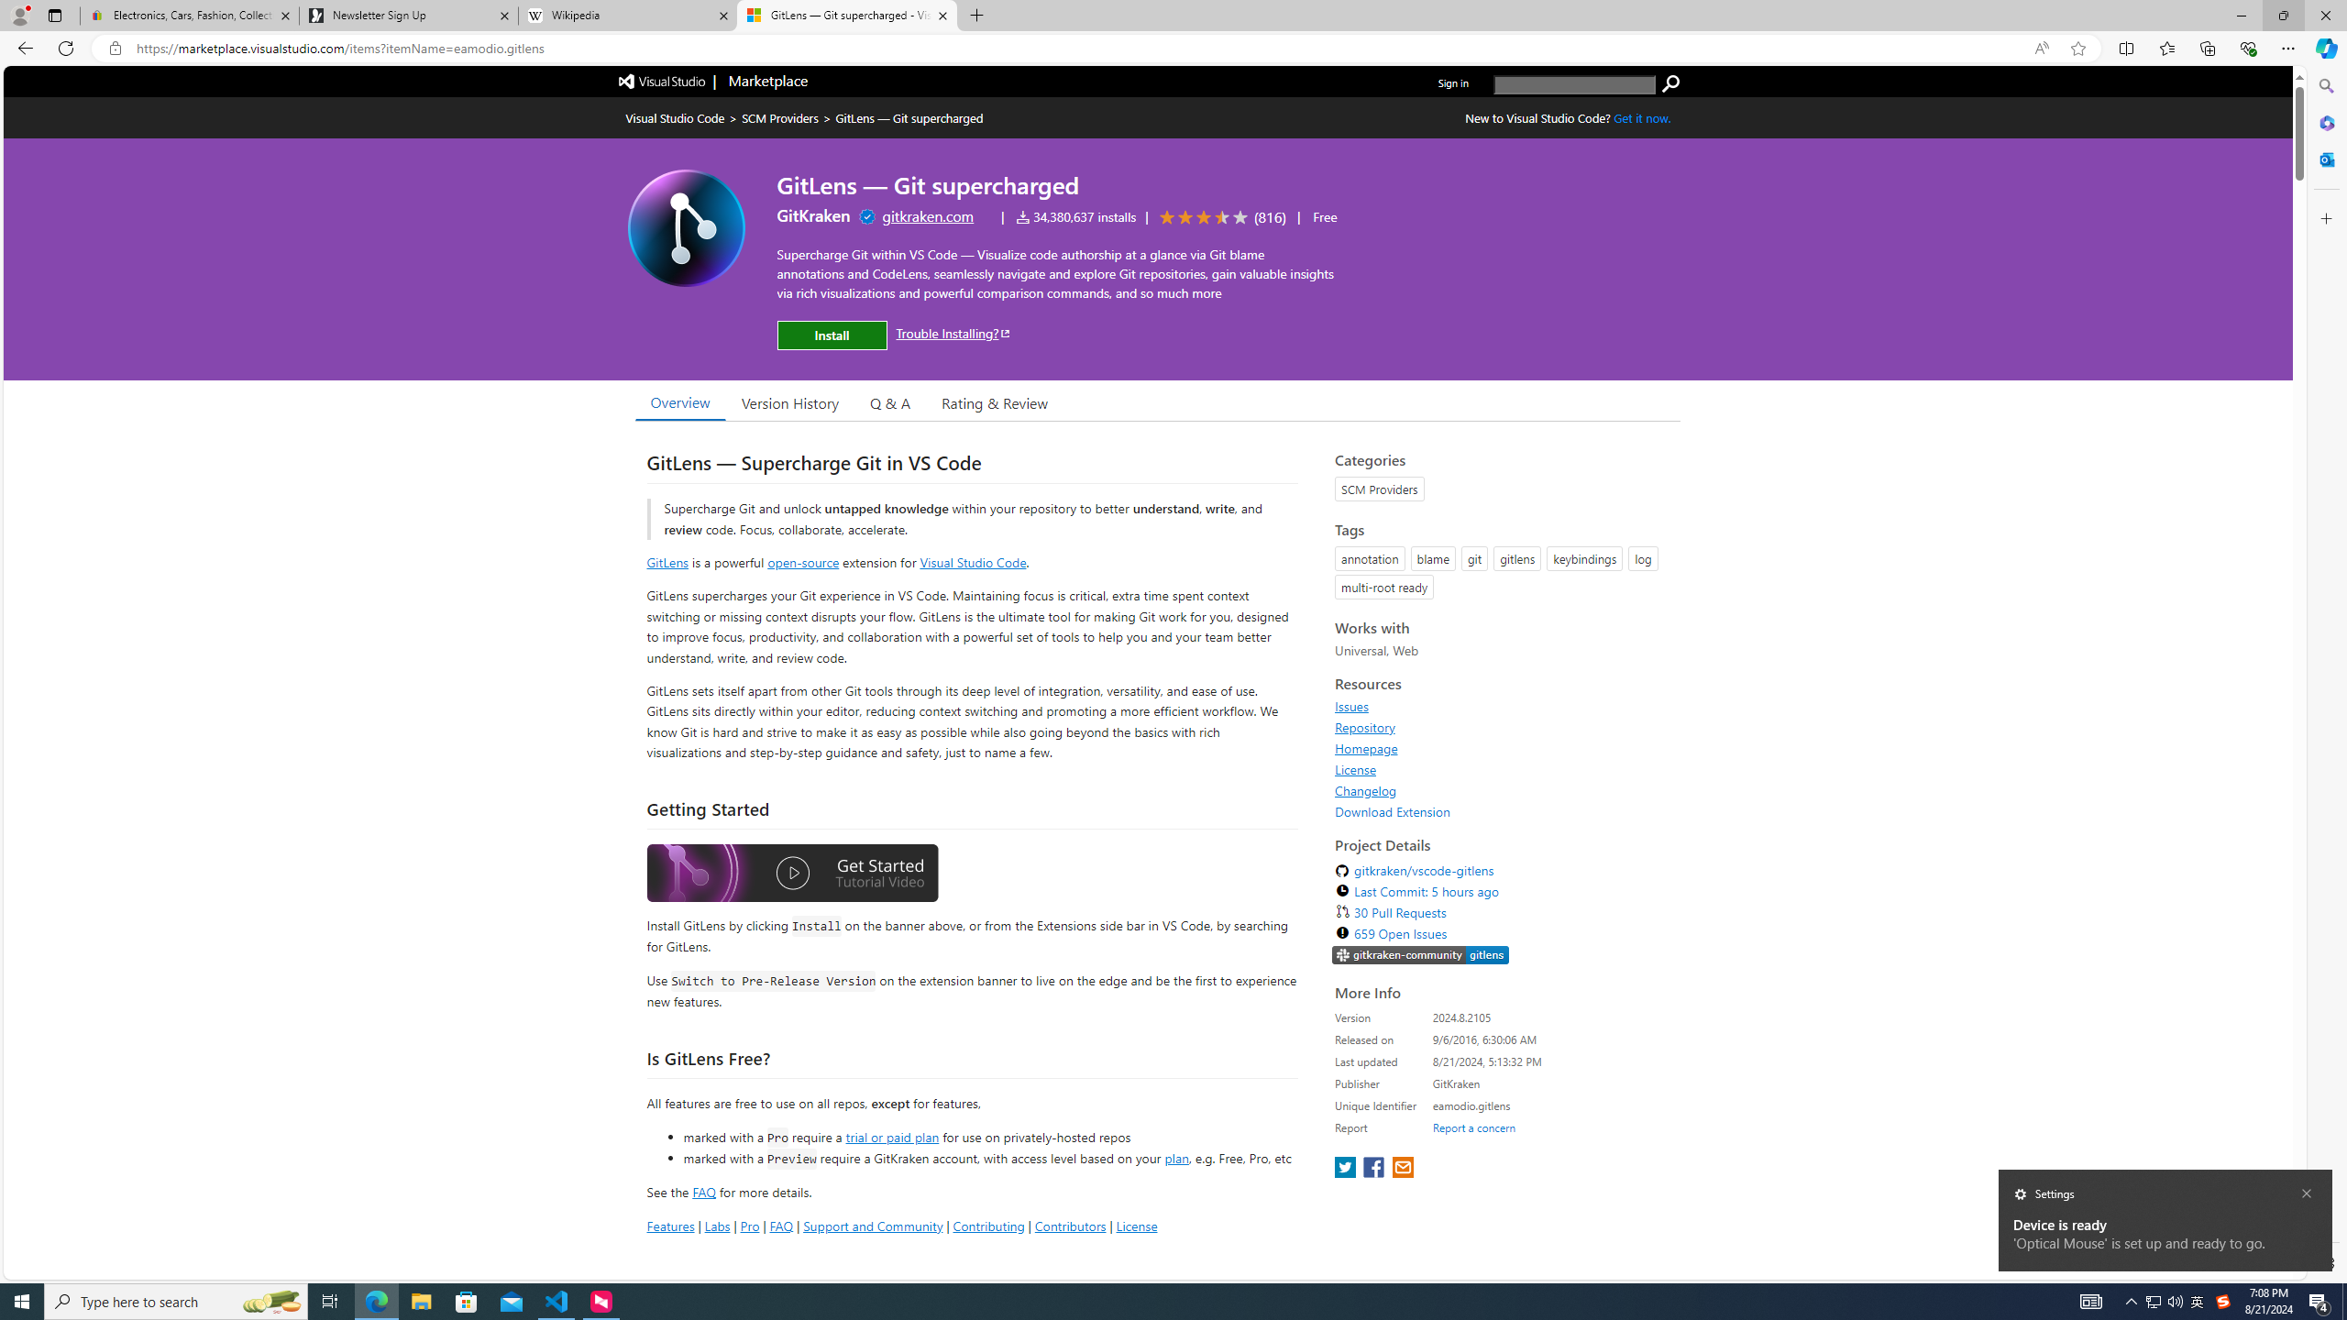 The image size is (2347, 1320). What do you see at coordinates (1420, 956) in the screenshot?
I see `'https://slack.gitkraken.com//'` at bounding box center [1420, 956].